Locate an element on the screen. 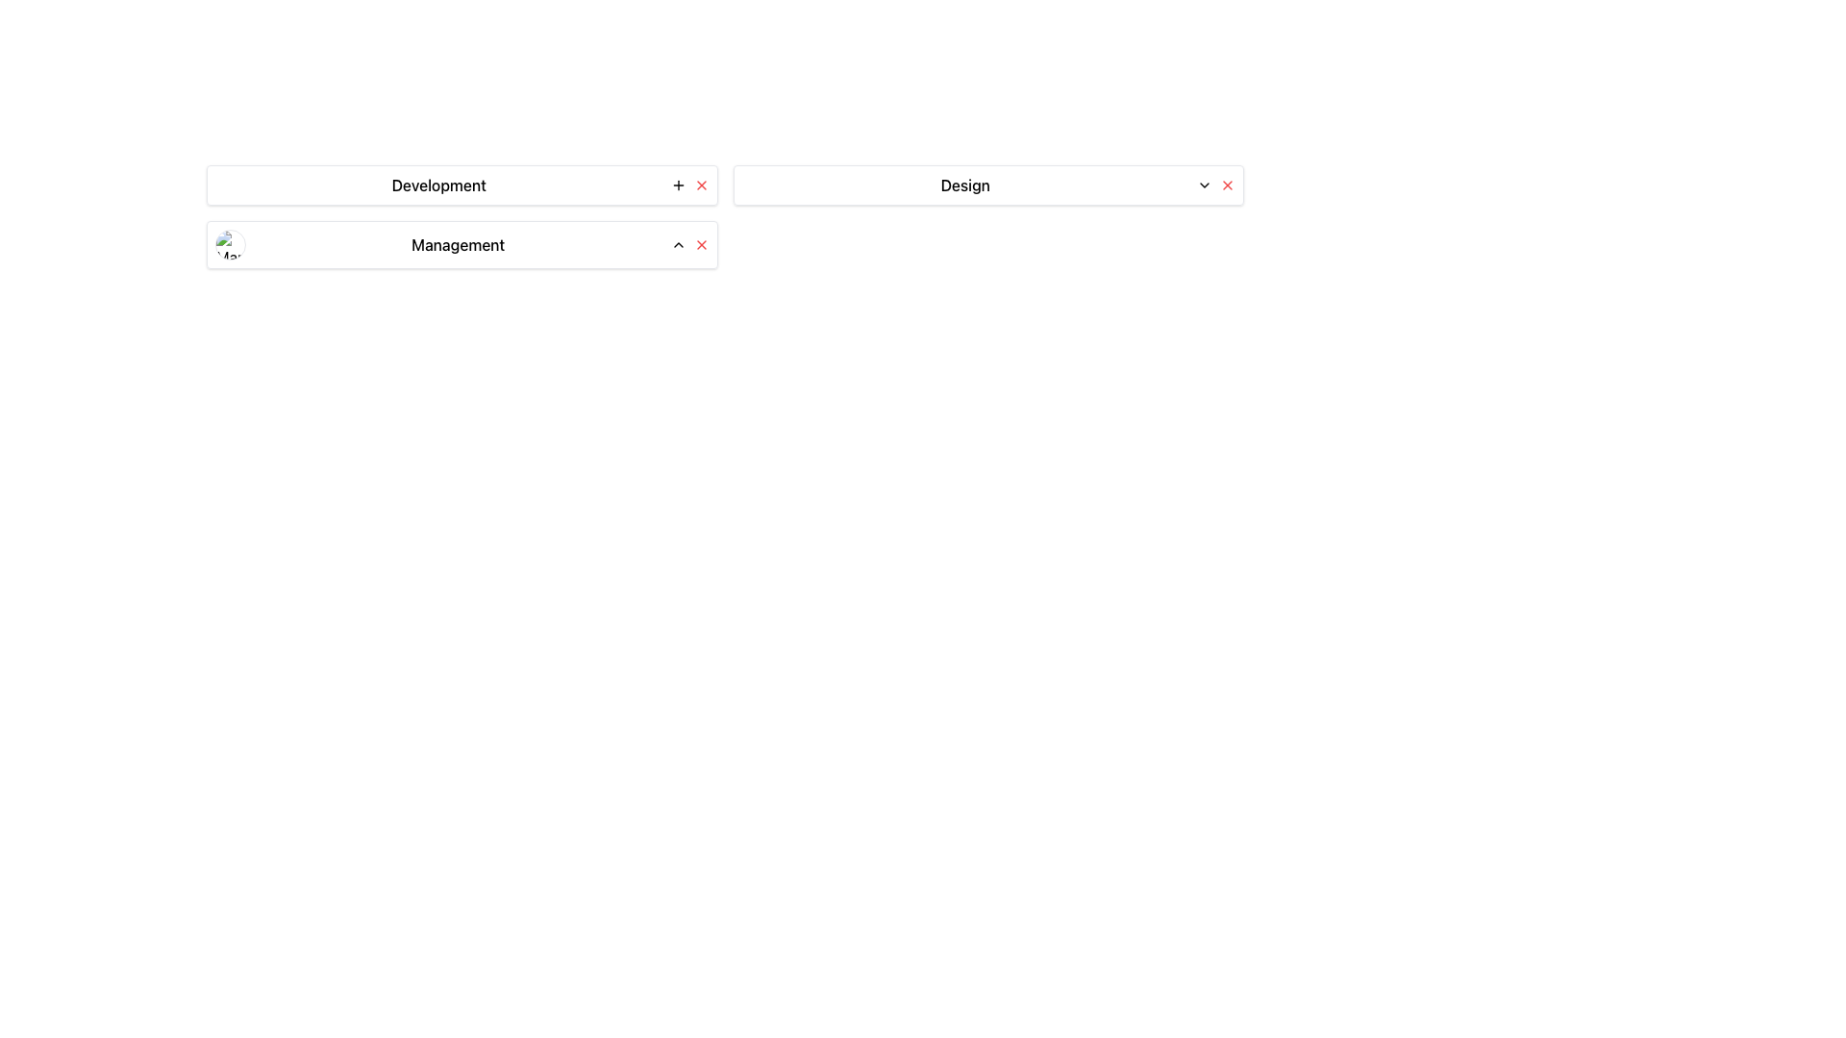 The width and height of the screenshot is (1846, 1038). the small downward-pointing chevron icon located to the right of the 'Design' label to trigger a tooltip or highlighting effect is located at coordinates (1203, 185).